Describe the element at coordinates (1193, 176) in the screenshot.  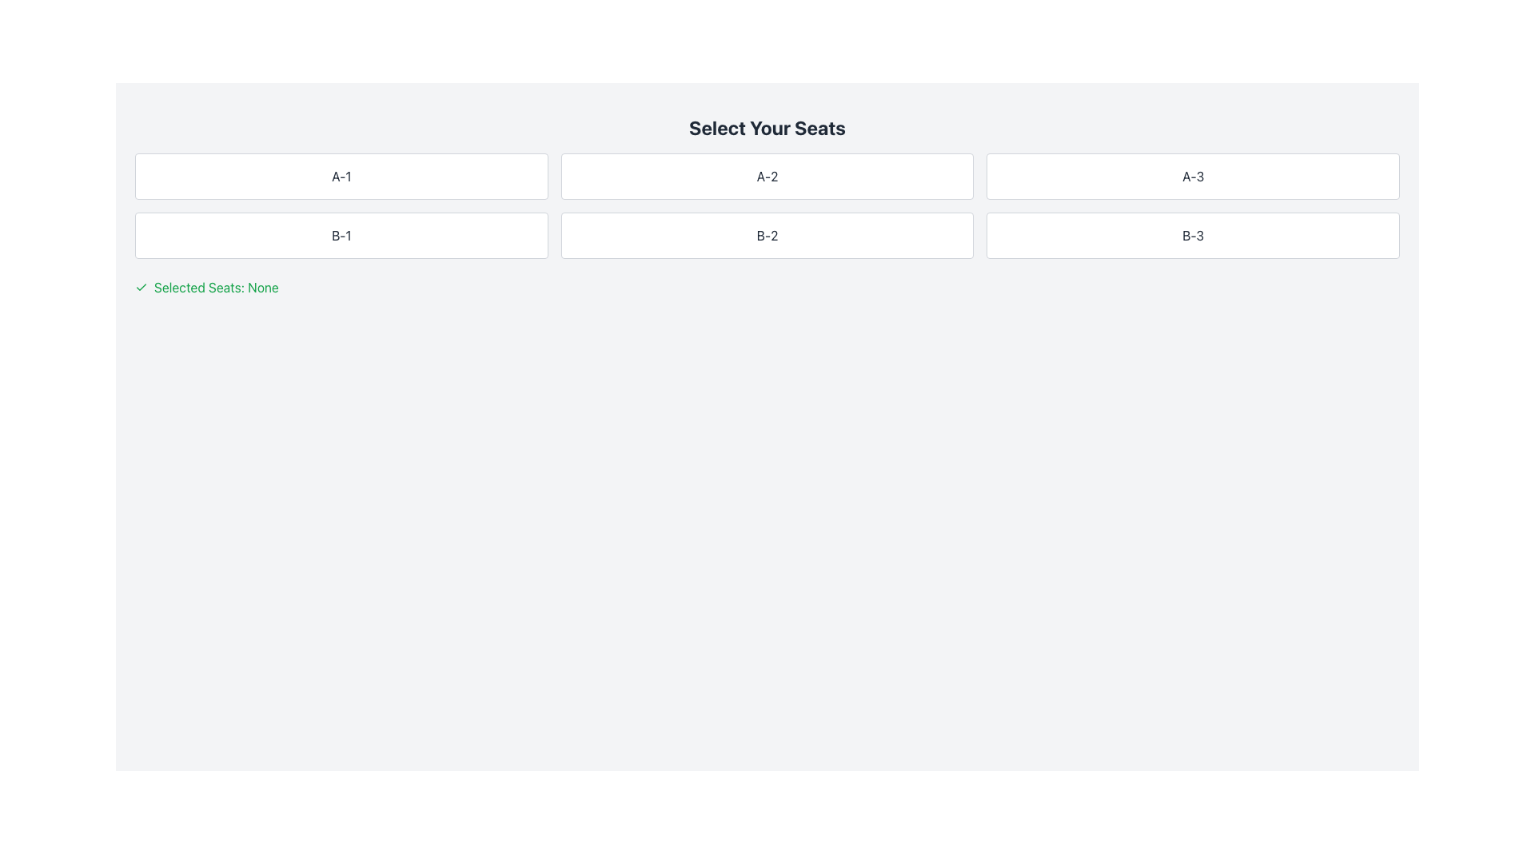
I see `the selectable button identified by 'A-3' to confirm the selection` at that location.